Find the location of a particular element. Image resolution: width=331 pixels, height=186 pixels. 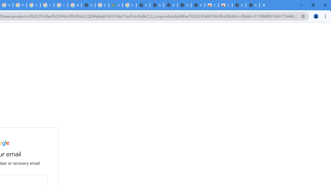

'Explore new street-level details - Google Maps Help' is located at coordinates (102, 5).